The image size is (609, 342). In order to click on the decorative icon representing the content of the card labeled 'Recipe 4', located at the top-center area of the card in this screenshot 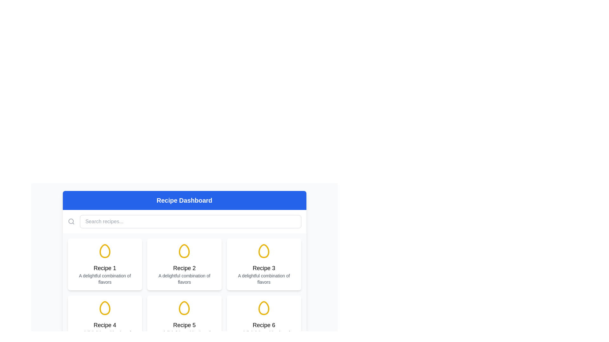, I will do `click(105, 307)`.